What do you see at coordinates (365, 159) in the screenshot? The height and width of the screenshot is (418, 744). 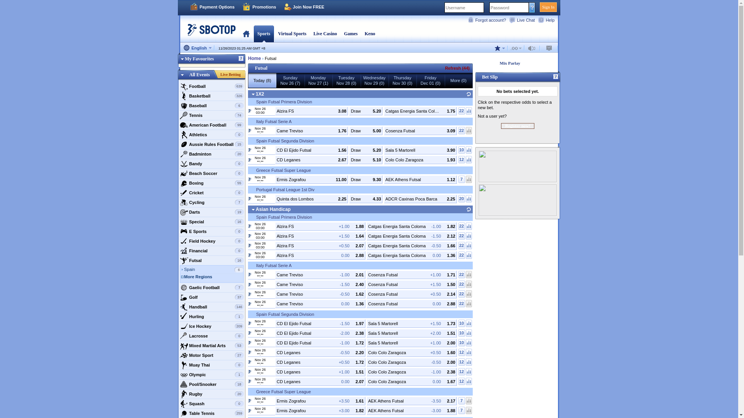 I see `'5.10` at bounding box center [365, 159].